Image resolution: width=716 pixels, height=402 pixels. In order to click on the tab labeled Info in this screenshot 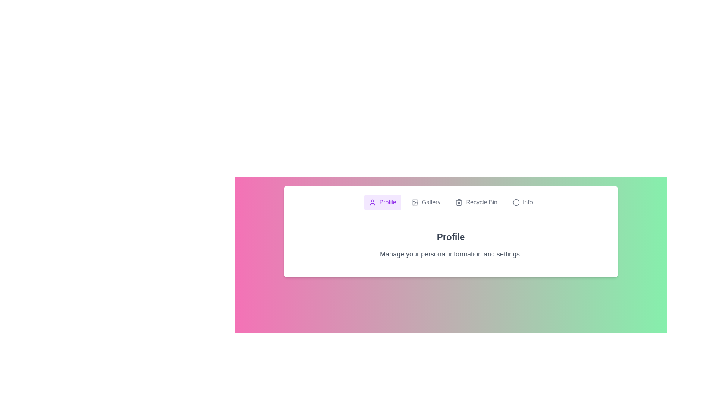, I will do `click(522, 202)`.